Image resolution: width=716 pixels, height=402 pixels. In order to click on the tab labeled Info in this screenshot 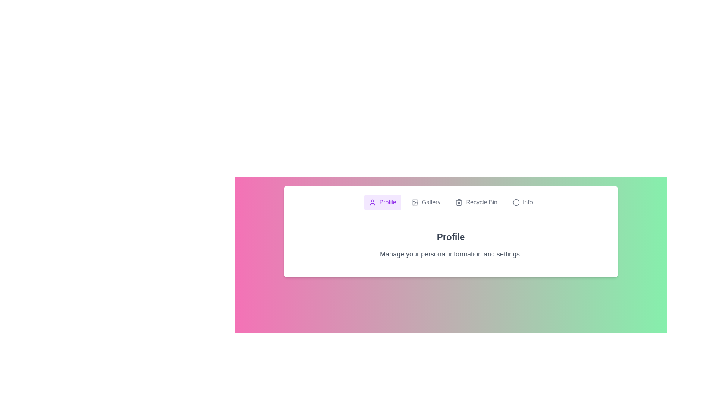, I will do `click(522, 202)`.